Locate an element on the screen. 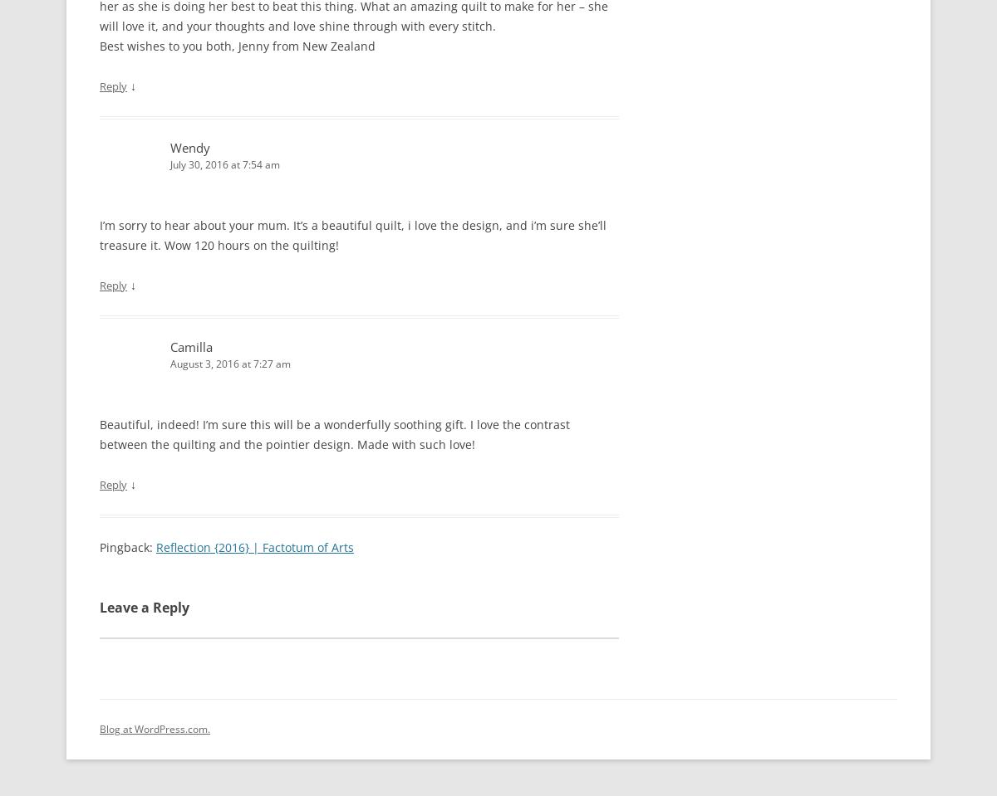 The image size is (997, 796). 'July 30, 2016 at 7:54 am' is located at coordinates (169, 164).